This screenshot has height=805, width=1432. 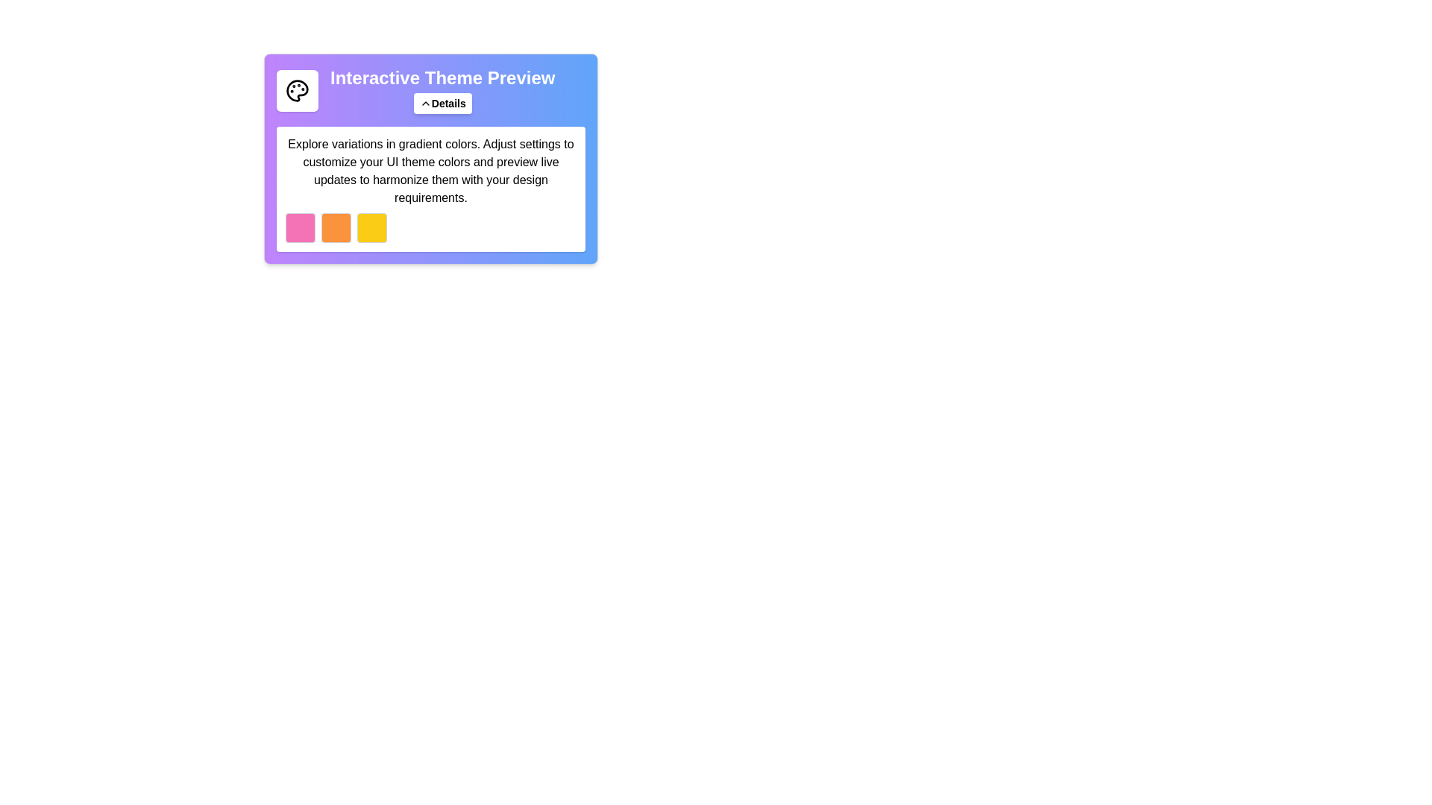 What do you see at coordinates (442, 90) in the screenshot?
I see `the Composite component displaying a title and a 'Details' button` at bounding box center [442, 90].